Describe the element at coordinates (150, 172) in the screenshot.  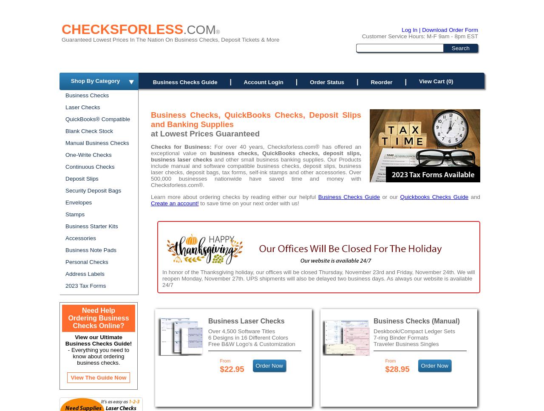
I see `'and other small business banking supplies. Our Products include manual and software compatible business checks, deposit slips, business laser checks, deposit bags, tax forms, self-ink stamps and other accessories. Over 500,000 businesses nationwide have saved time and money with Checksforless.com®.'` at that location.